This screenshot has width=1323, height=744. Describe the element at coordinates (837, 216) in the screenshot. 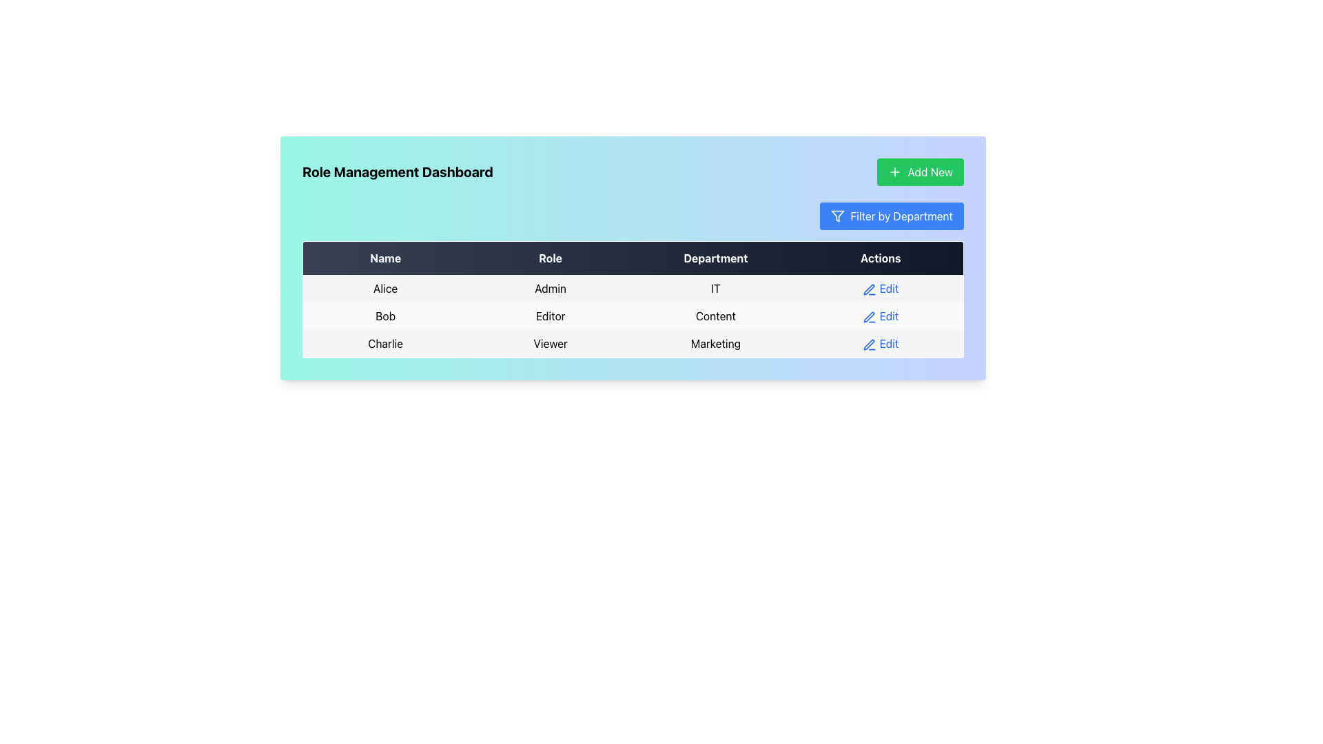

I see `the filter icon, which is a funnel-like SVG graphic with a thin black stroke, located within the blue button labeled 'Filter by Department'` at that location.